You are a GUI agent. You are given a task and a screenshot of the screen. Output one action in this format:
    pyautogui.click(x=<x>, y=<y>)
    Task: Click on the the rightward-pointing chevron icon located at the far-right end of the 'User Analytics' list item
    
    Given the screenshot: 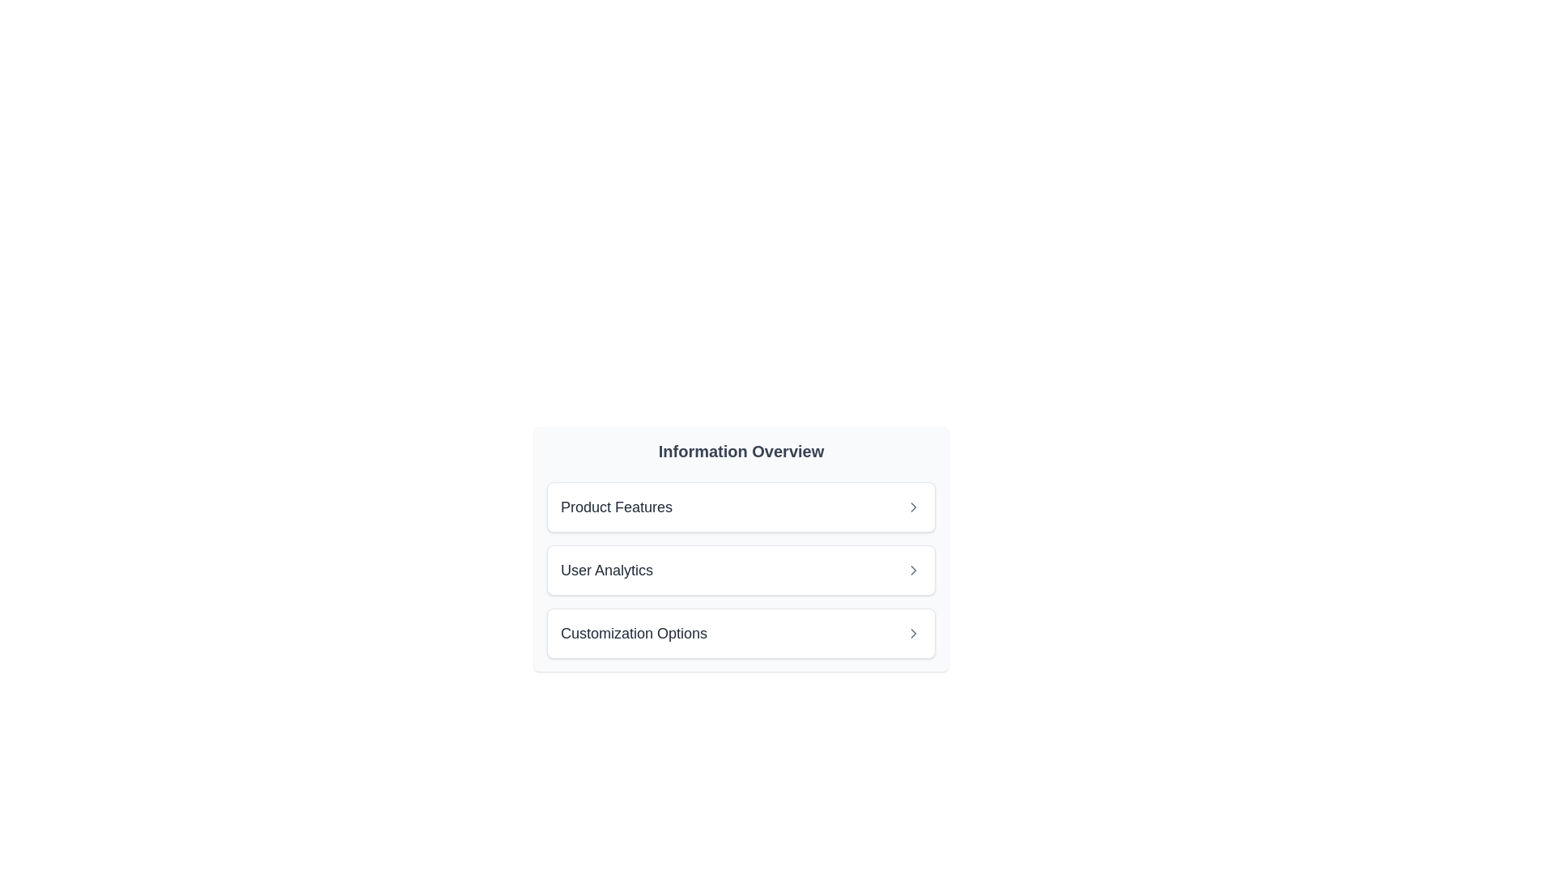 What is the action you would take?
    pyautogui.click(x=913, y=570)
    